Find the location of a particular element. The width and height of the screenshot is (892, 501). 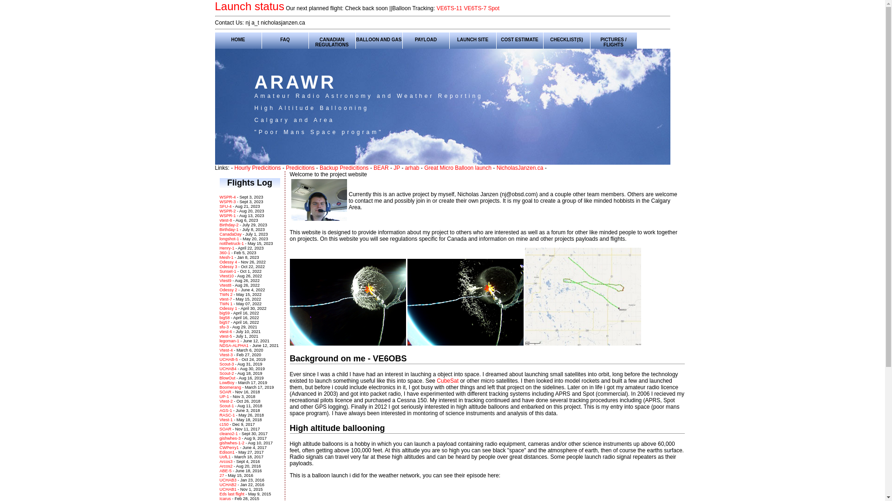

'big59' is located at coordinates (224, 313).